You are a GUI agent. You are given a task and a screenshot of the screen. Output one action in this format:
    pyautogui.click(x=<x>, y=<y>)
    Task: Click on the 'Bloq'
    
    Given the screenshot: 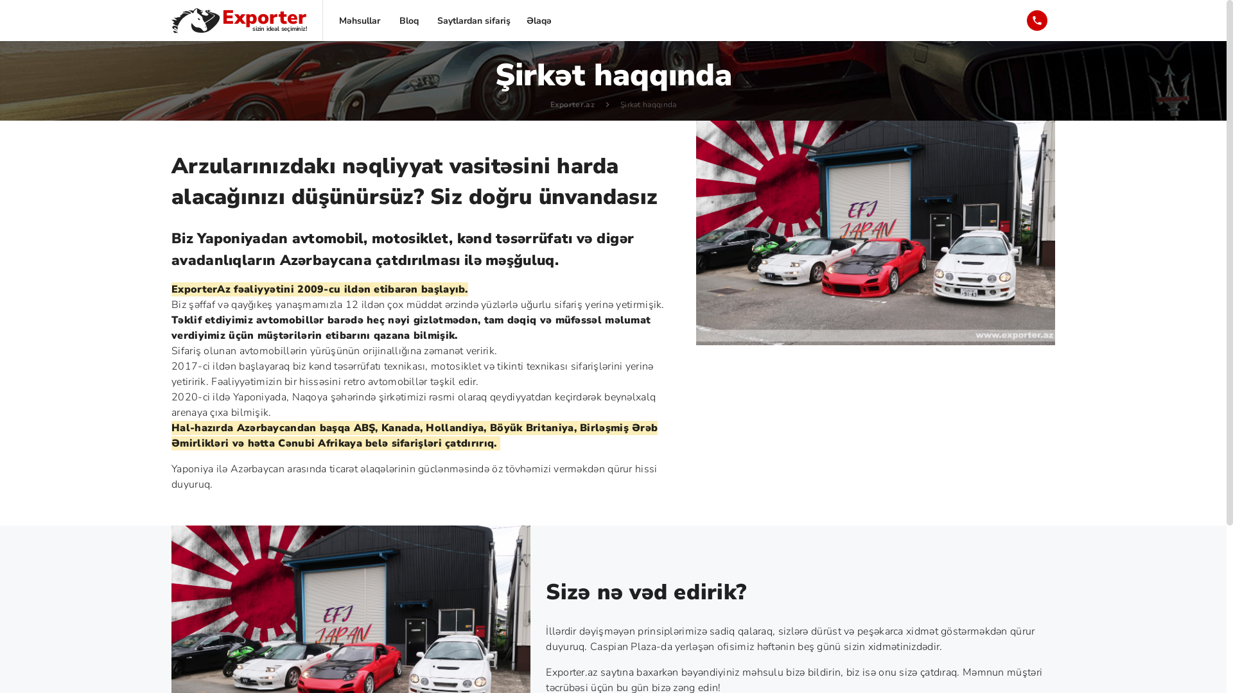 What is the action you would take?
    pyautogui.click(x=387, y=20)
    